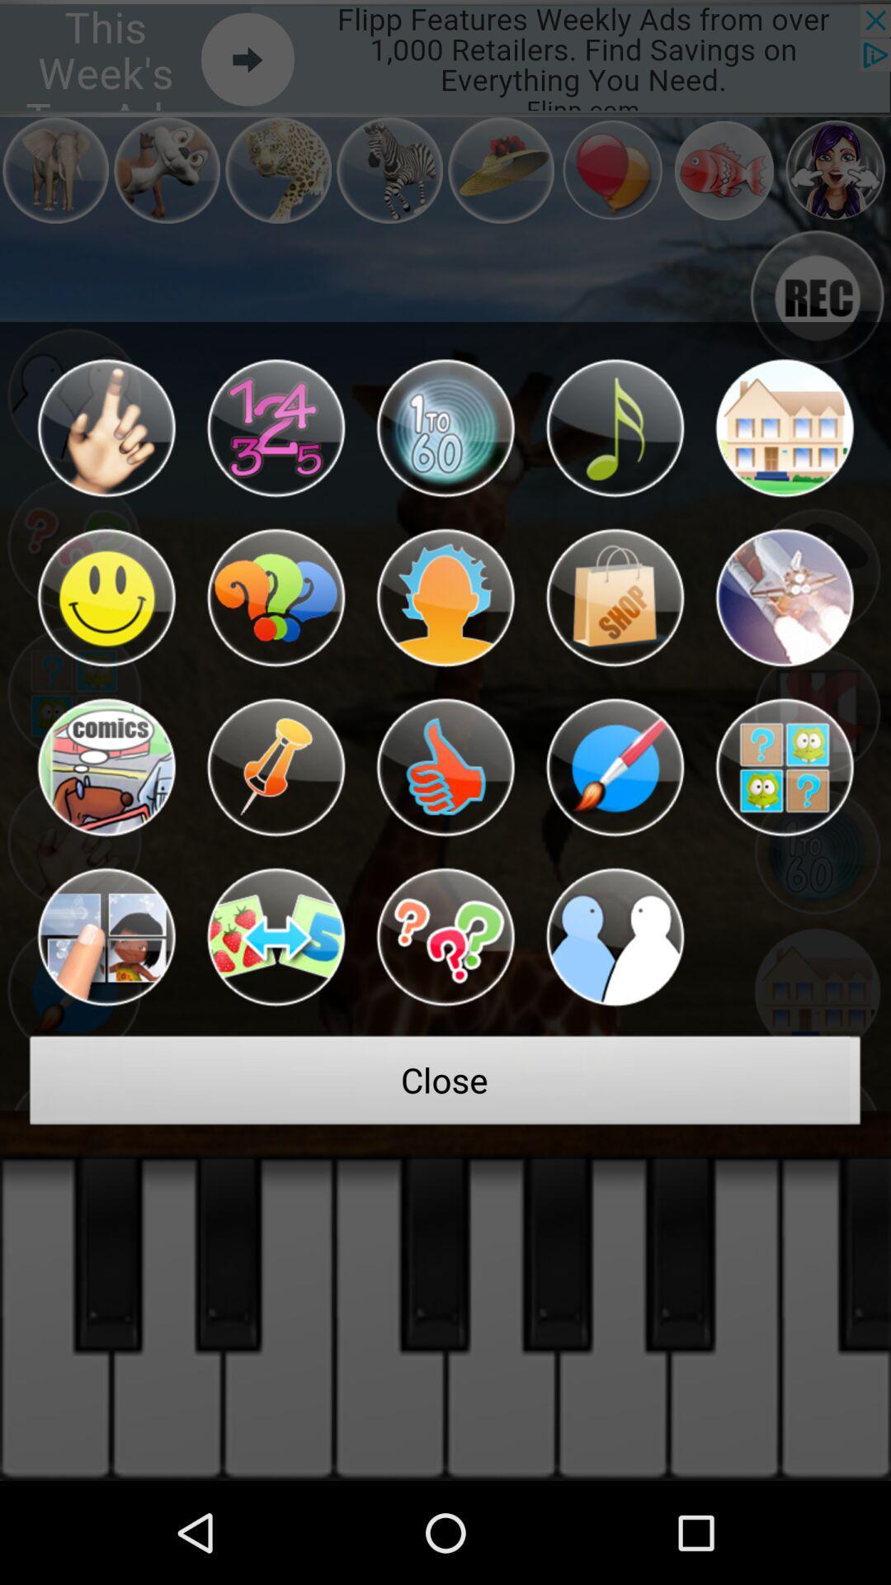 The width and height of the screenshot is (891, 1585). I want to click on the item above close, so click(615, 937).